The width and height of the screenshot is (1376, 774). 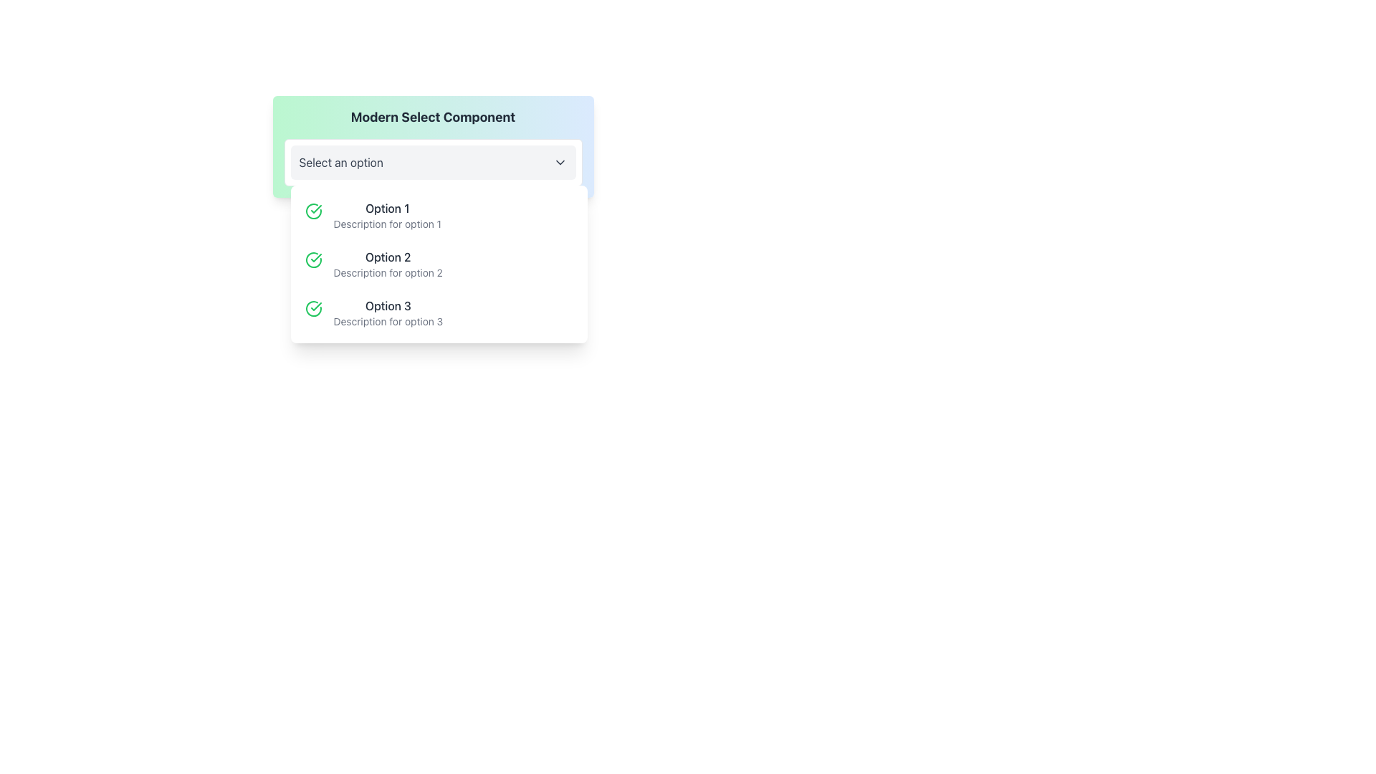 What do you see at coordinates (388, 320) in the screenshot?
I see `the text element reading 'Description for option 3', which is a smaller gray font located directly below the title 'Option 3' in the dropdown menu` at bounding box center [388, 320].